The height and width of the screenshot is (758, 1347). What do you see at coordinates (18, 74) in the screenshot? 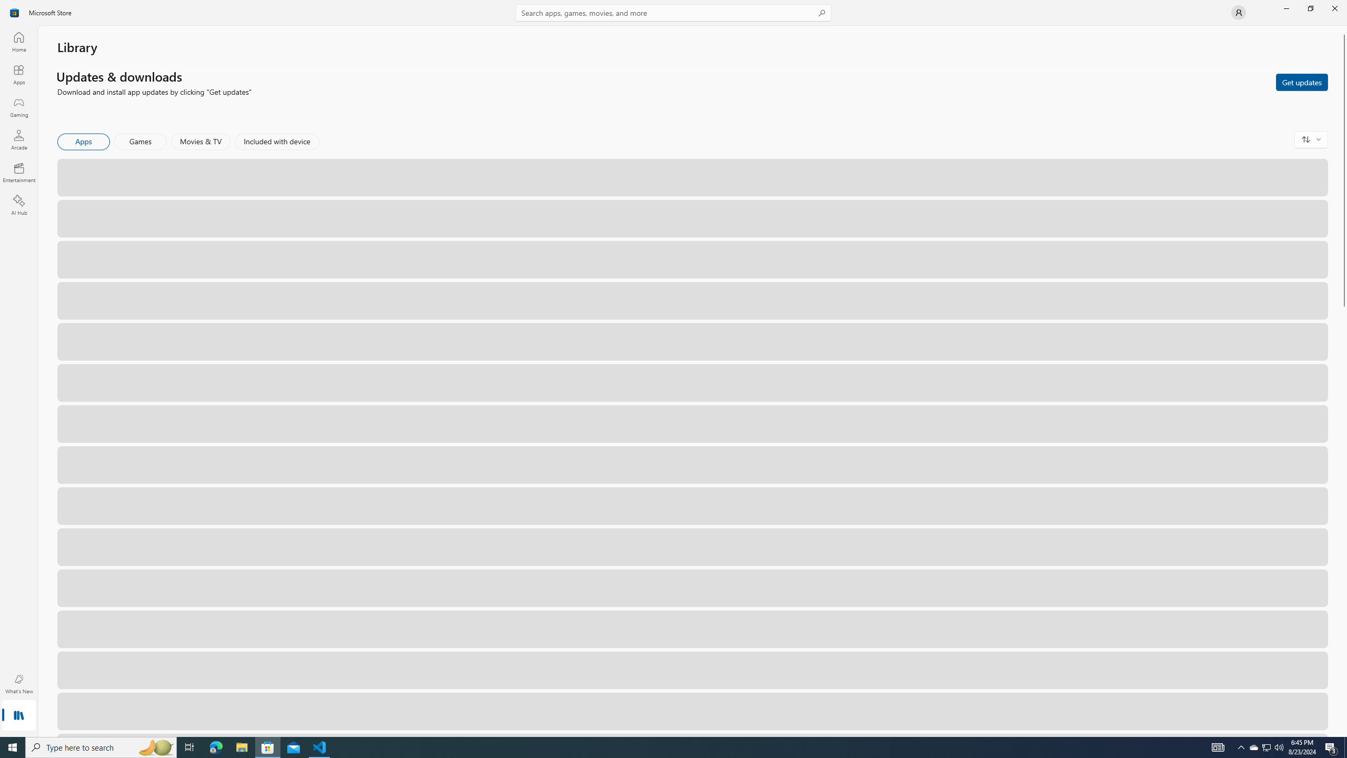
I see `'Apps'` at bounding box center [18, 74].